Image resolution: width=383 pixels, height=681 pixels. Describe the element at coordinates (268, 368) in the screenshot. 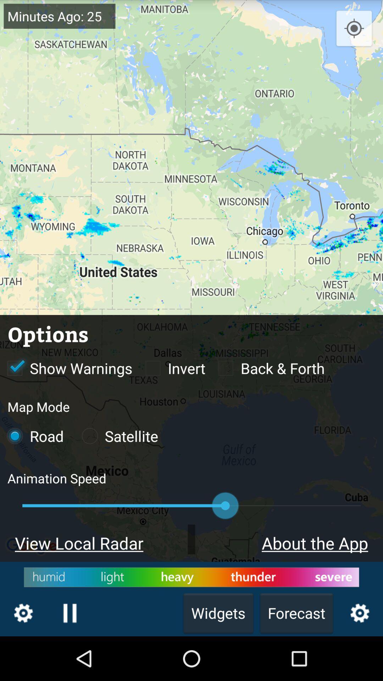

I see `back  forth` at that location.